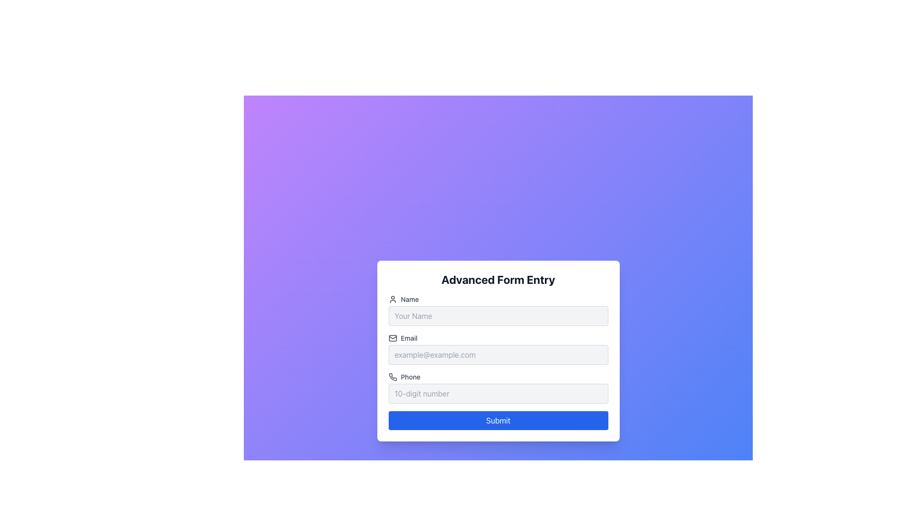 This screenshot has width=909, height=511. What do you see at coordinates (498, 388) in the screenshot?
I see `the phone number input field, which is the third input field in the form, located below the 'Email' field and above the 'Submit' button` at bounding box center [498, 388].